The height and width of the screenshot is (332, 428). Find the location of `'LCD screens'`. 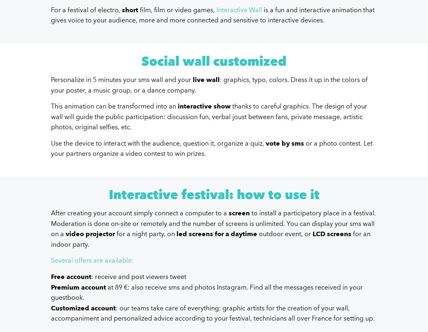

'LCD screens' is located at coordinates (313, 234).